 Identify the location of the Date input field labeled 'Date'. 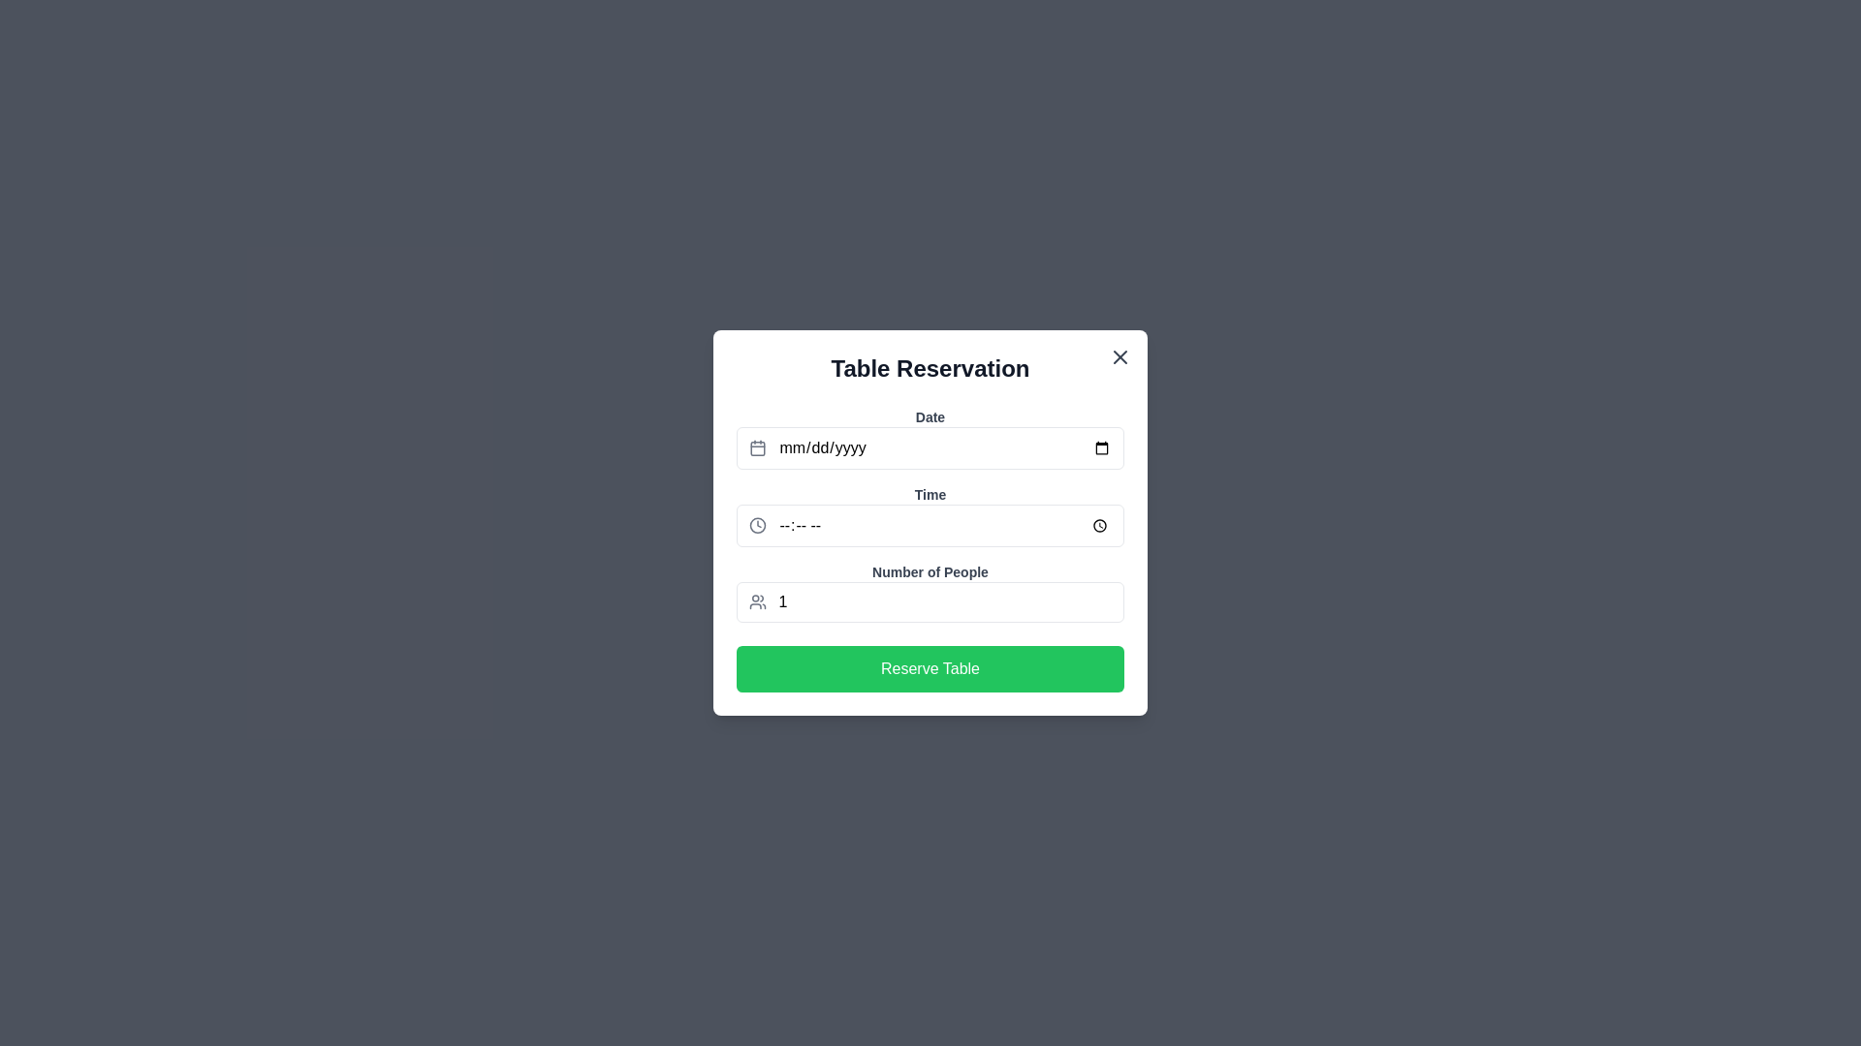
(930, 438).